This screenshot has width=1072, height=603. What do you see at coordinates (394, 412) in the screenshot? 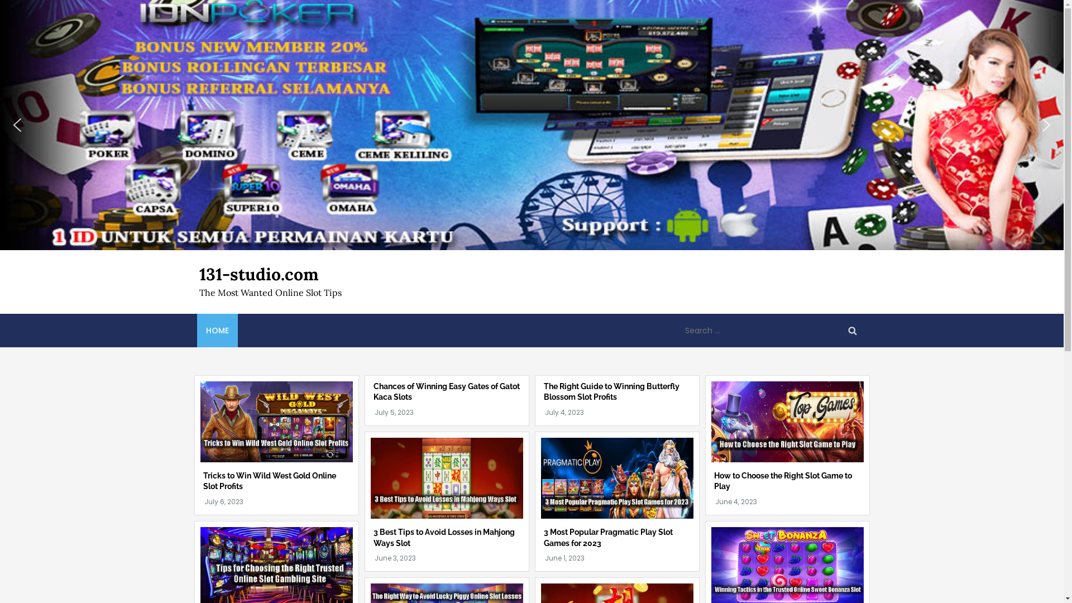
I see `'July 5, 2023'` at bounding box center [394, 412].